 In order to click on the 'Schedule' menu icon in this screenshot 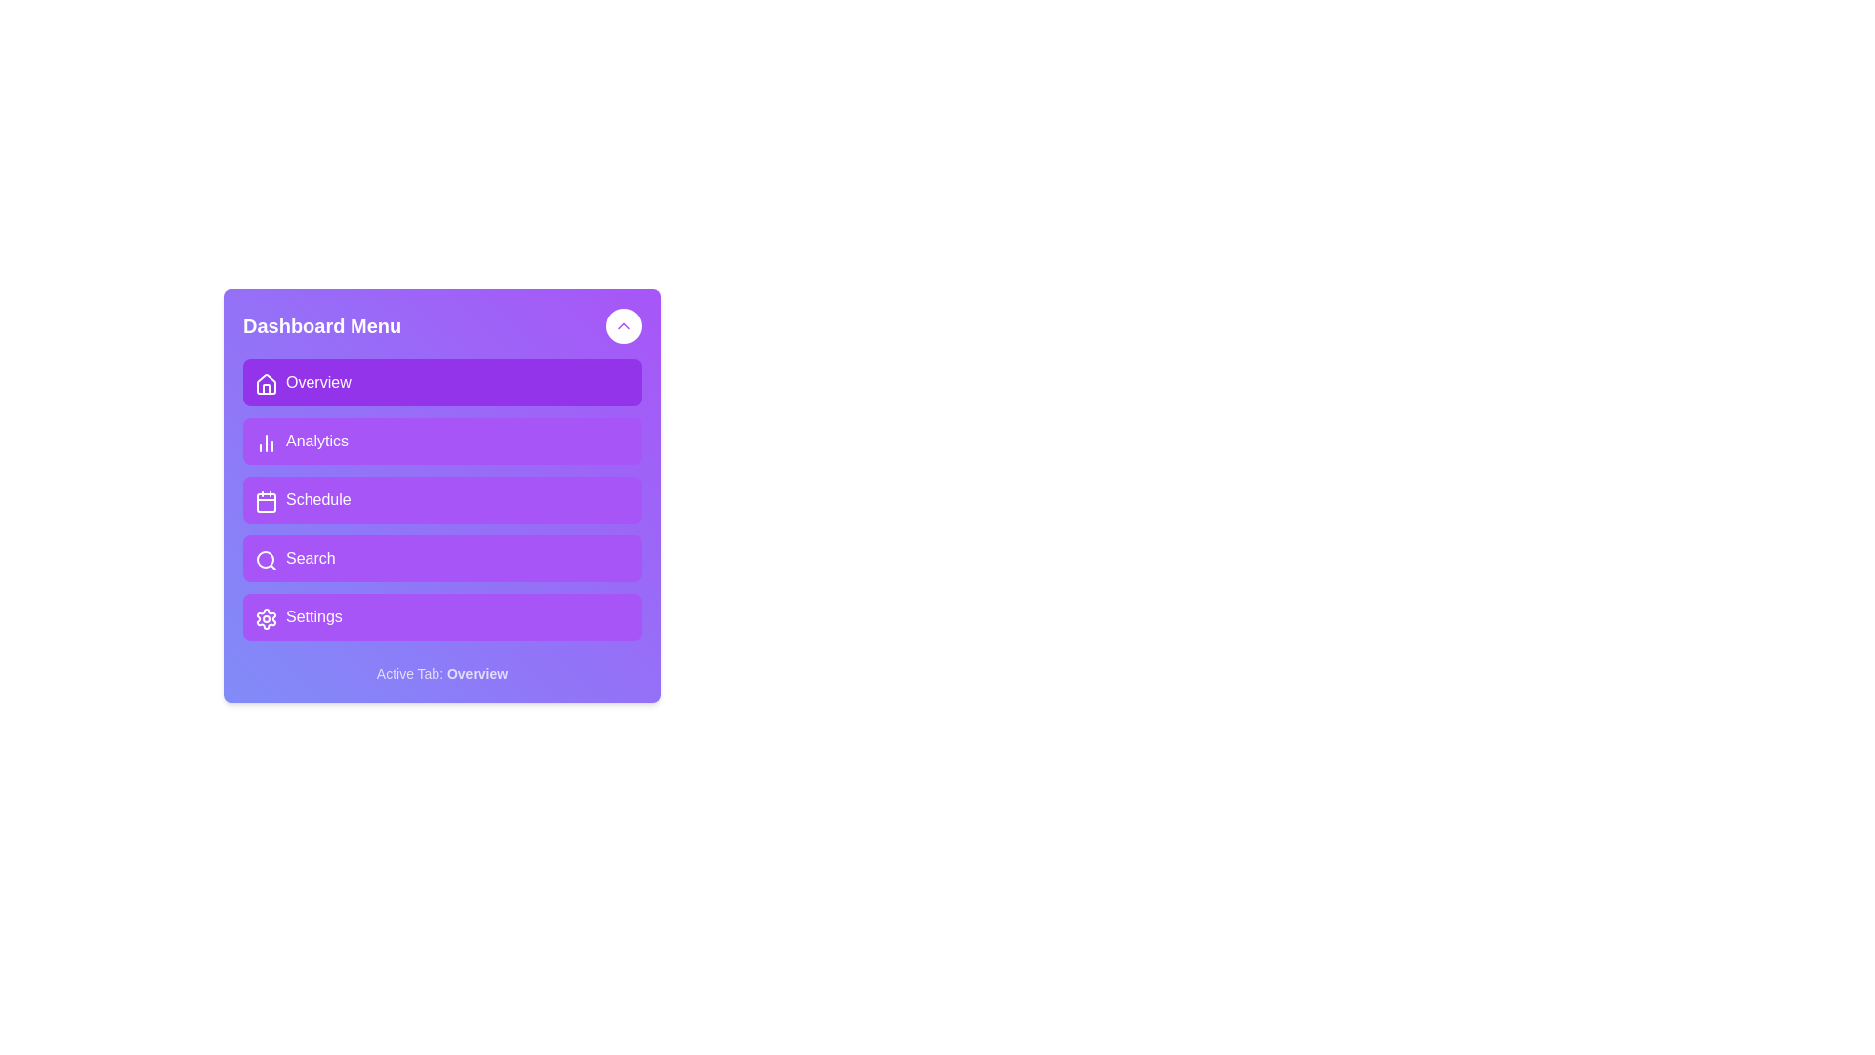, I will do `click(263, 499)`.